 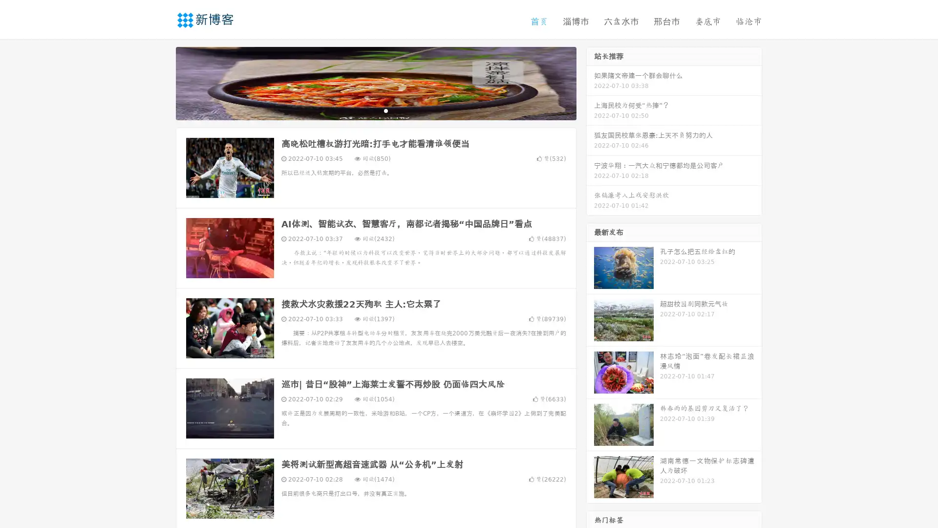 What do you see at coordinates (590, 82) in the screenshot?
I see `Next slide` at bounding box center [590, 82].